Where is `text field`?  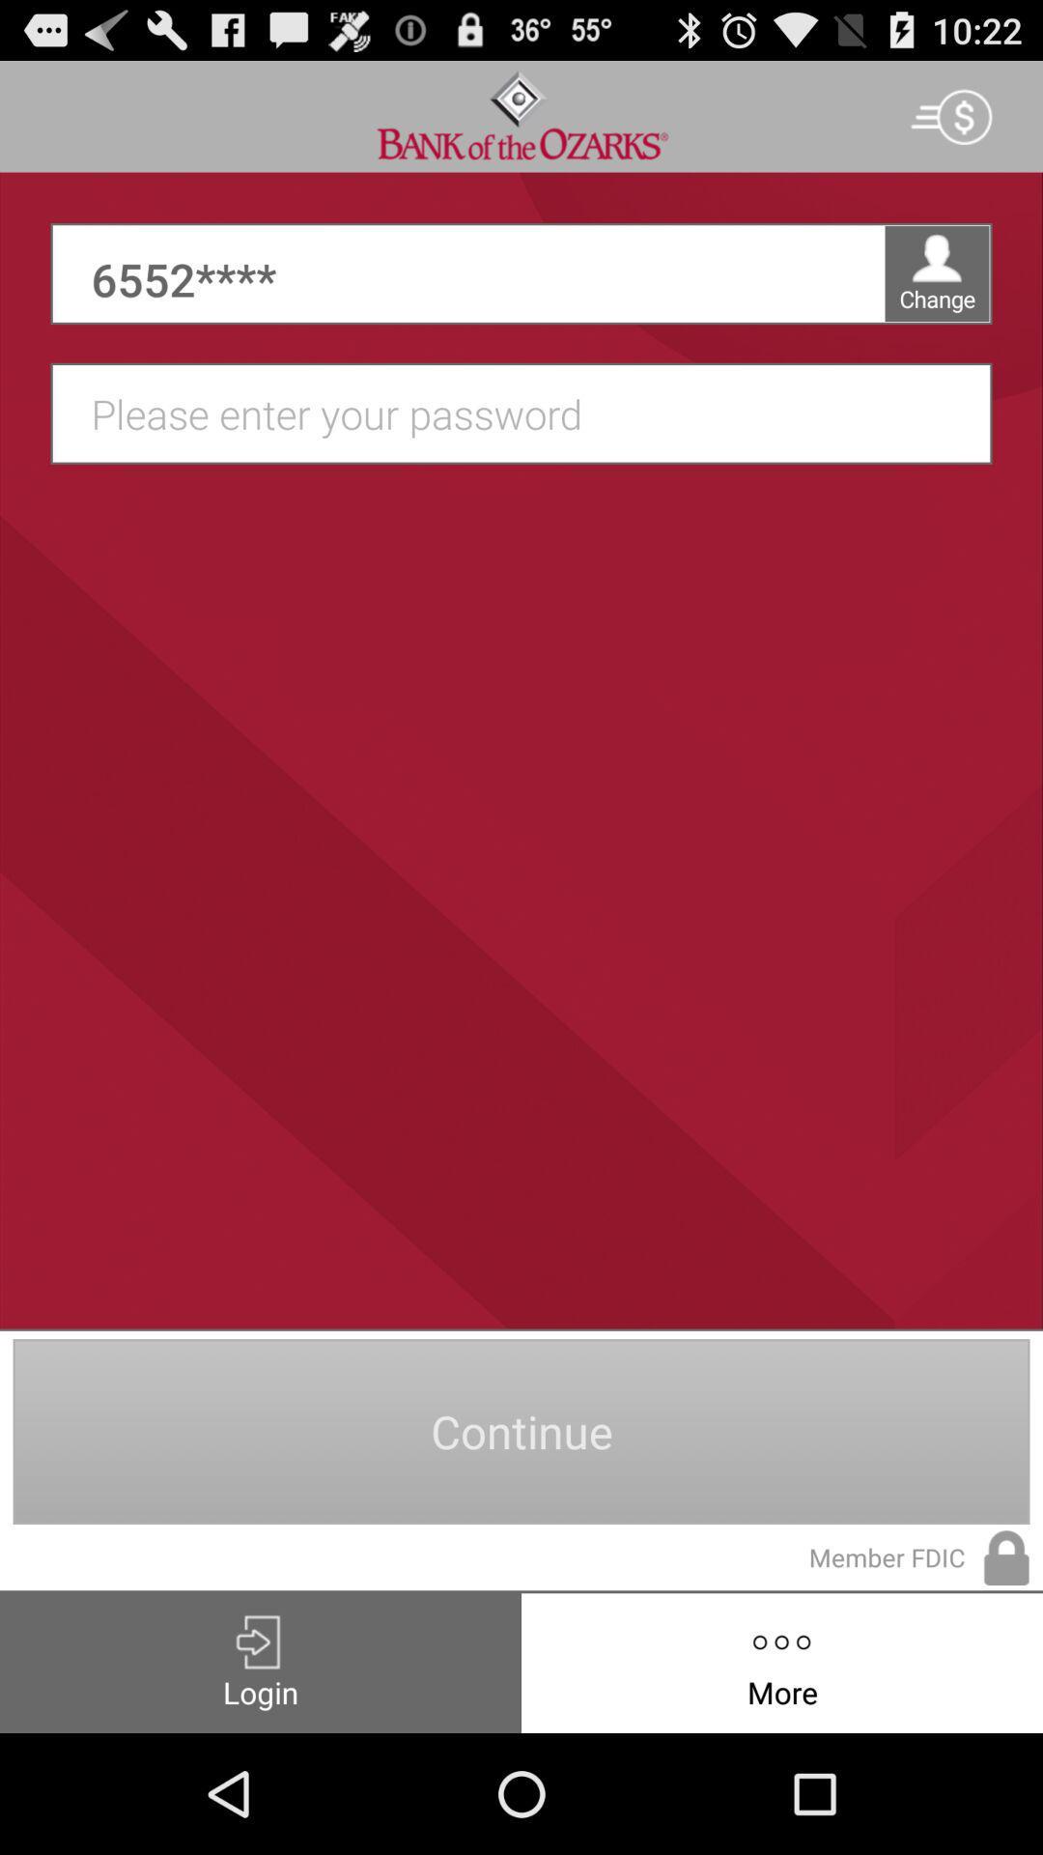
text field is located at coordinates (531, 413).